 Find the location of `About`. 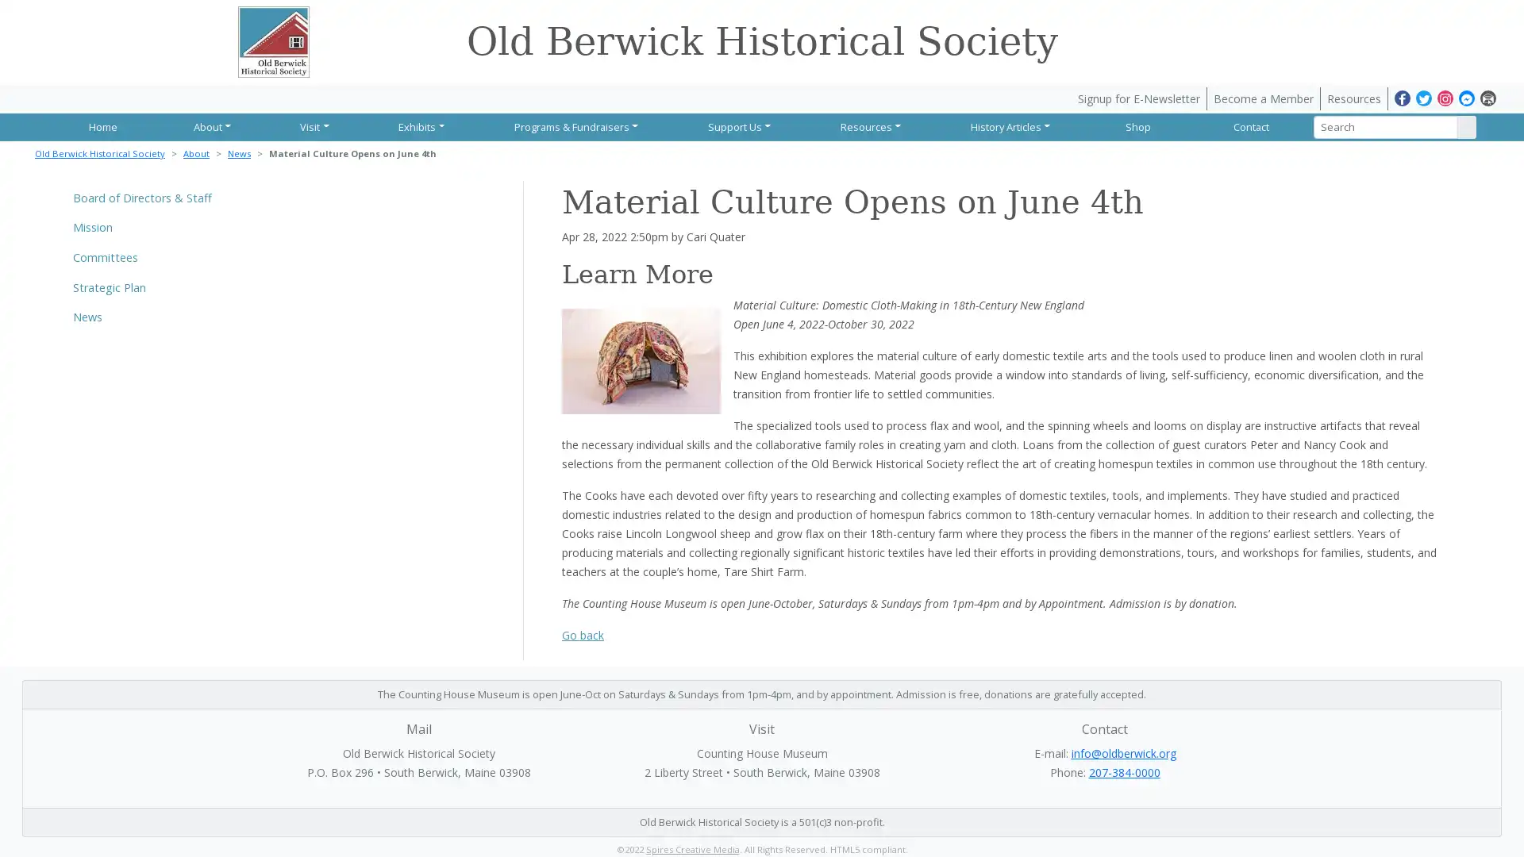

About is located at coordinates (210, 125).